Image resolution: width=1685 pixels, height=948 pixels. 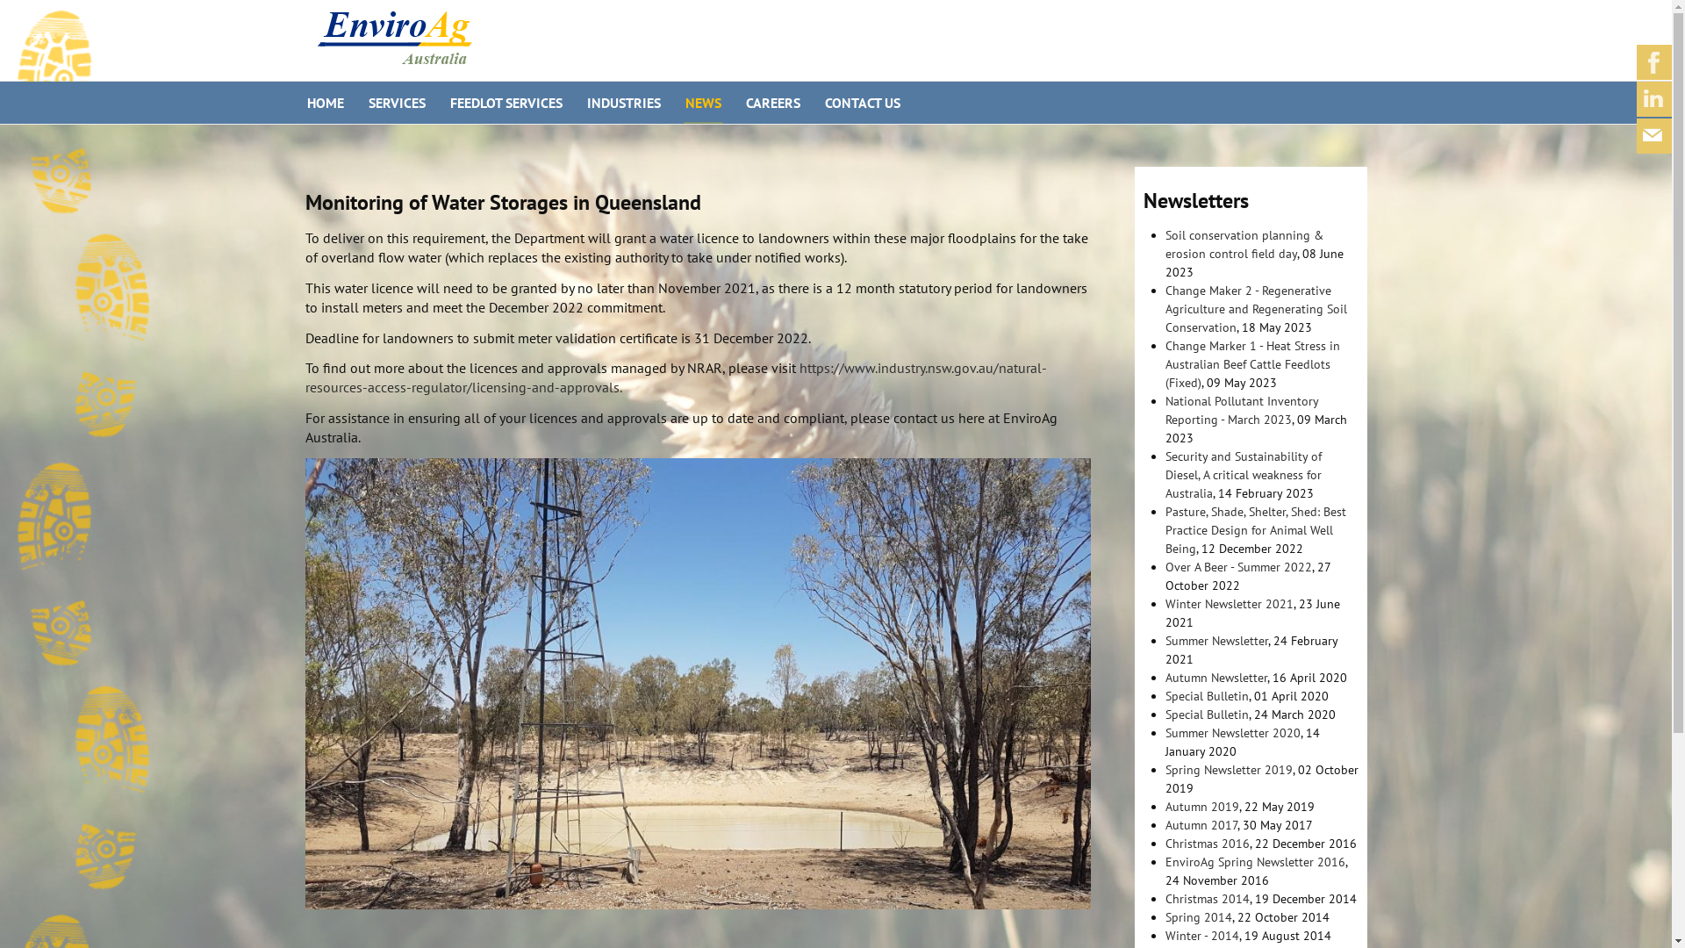 I want to click on 'INDUSTRIES', so click(x=623, y=102).